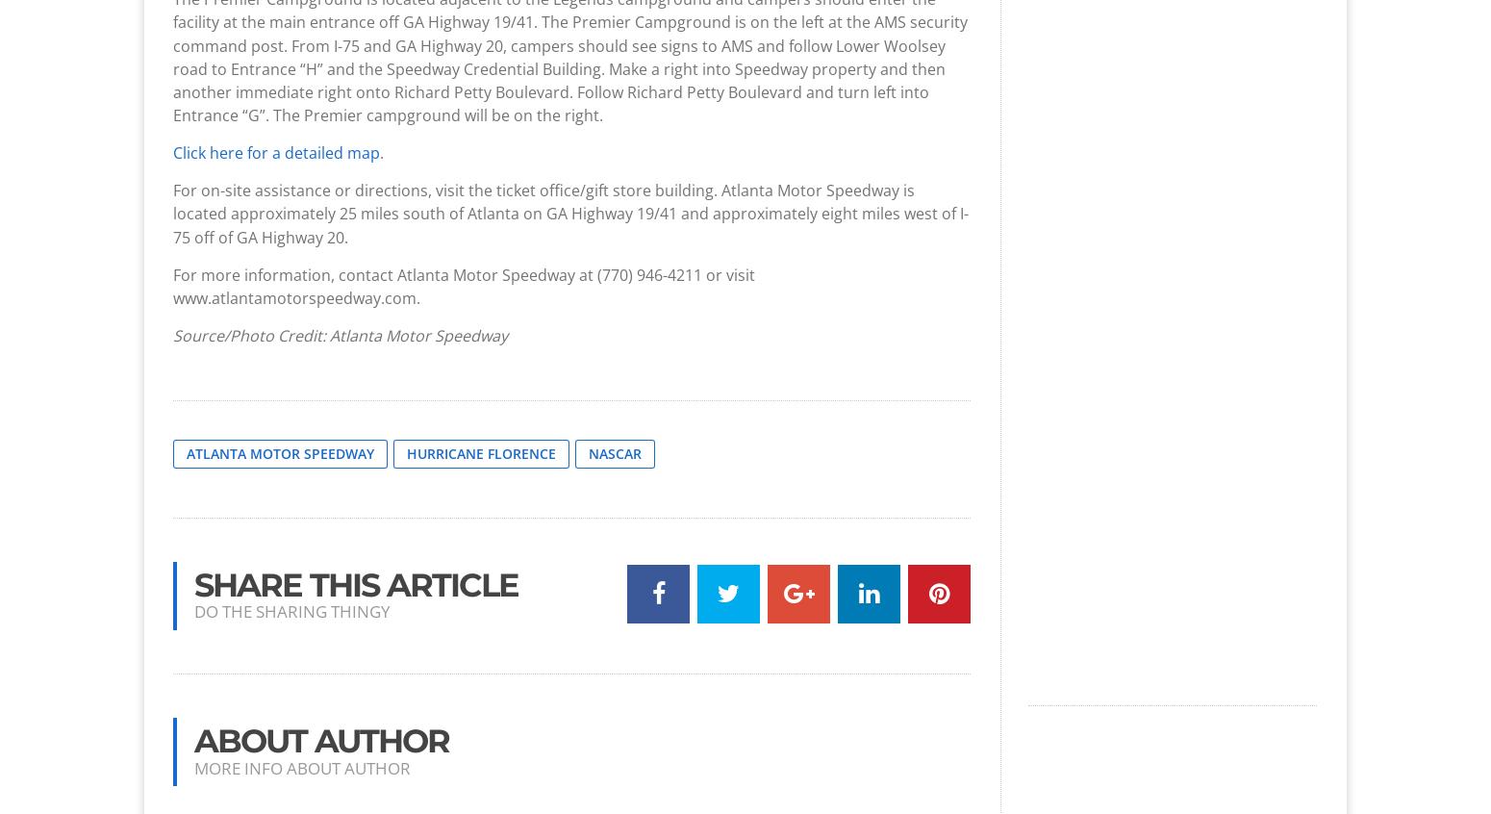  I want to click on 'Atlanta Motor Speedway', so click(280, 452).